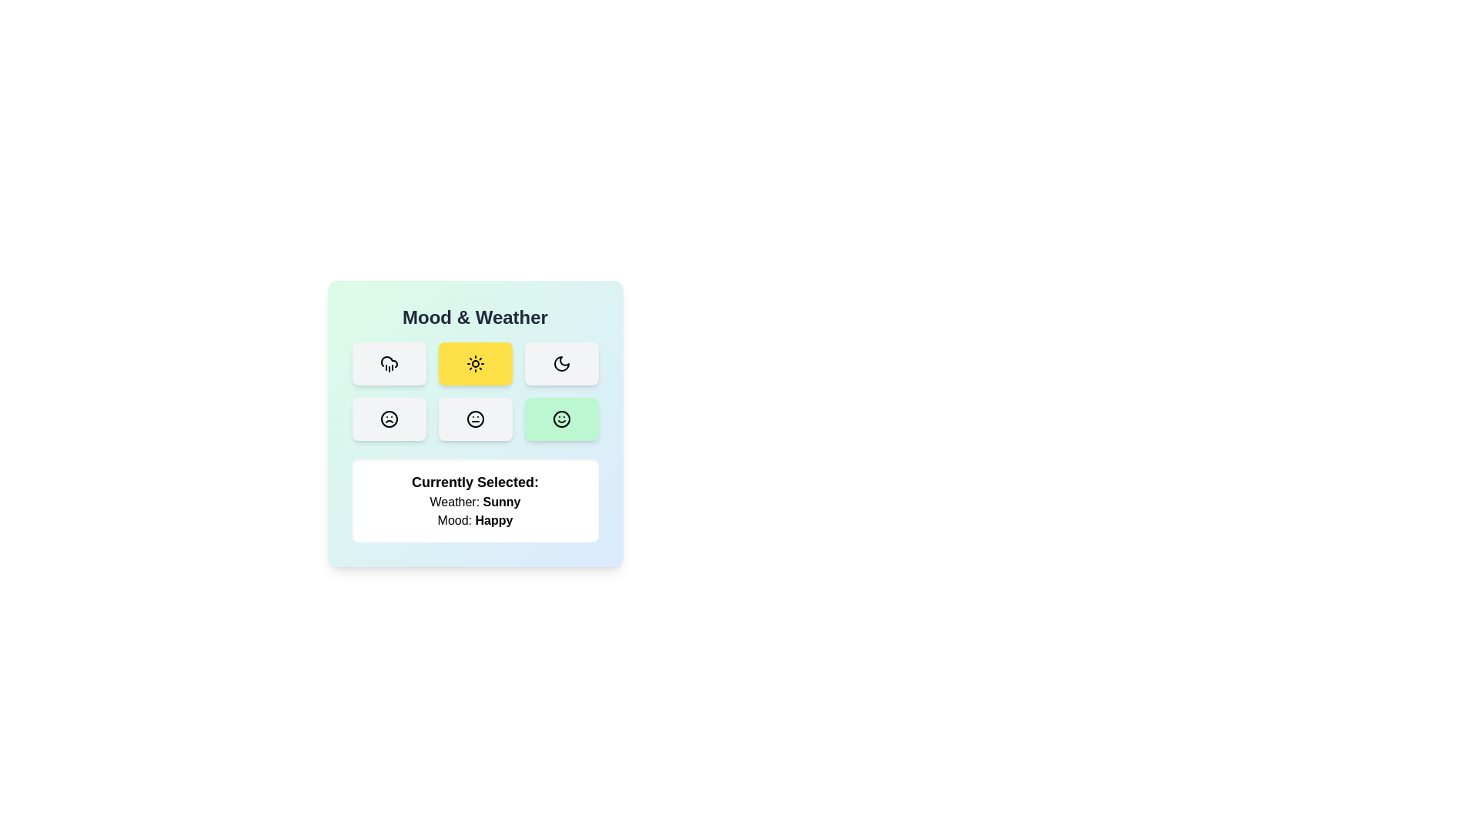 The height and width of the screenshot is (831, 1478). Describe the element at coordinates (474, 364) in the screenshot. I see `the 'sunny' weather condition button located centrally below the 'Mood & Weather' heading` at that location.